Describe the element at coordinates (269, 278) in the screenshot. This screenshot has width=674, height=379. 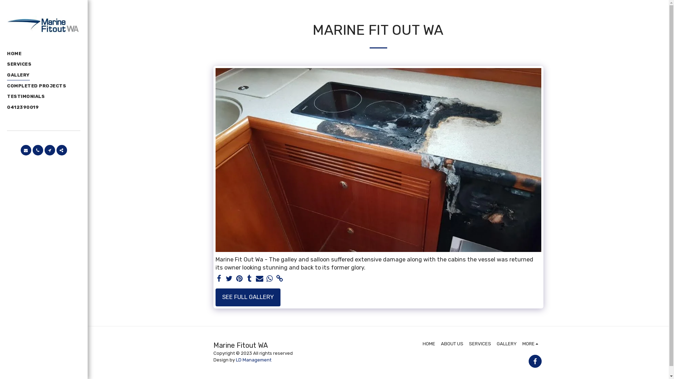
I see `' '` at that location.